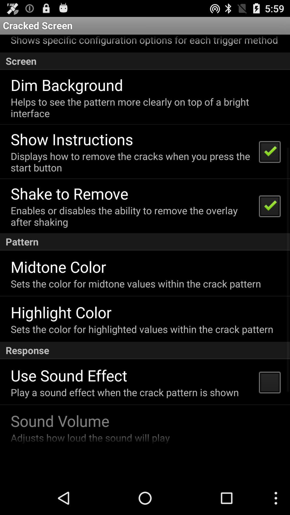 The height and width of the screenshot is (515, 290). Describe the element at coordinates (145, 350) in the screenshot. I see `the app above use sound effect item` at that location.